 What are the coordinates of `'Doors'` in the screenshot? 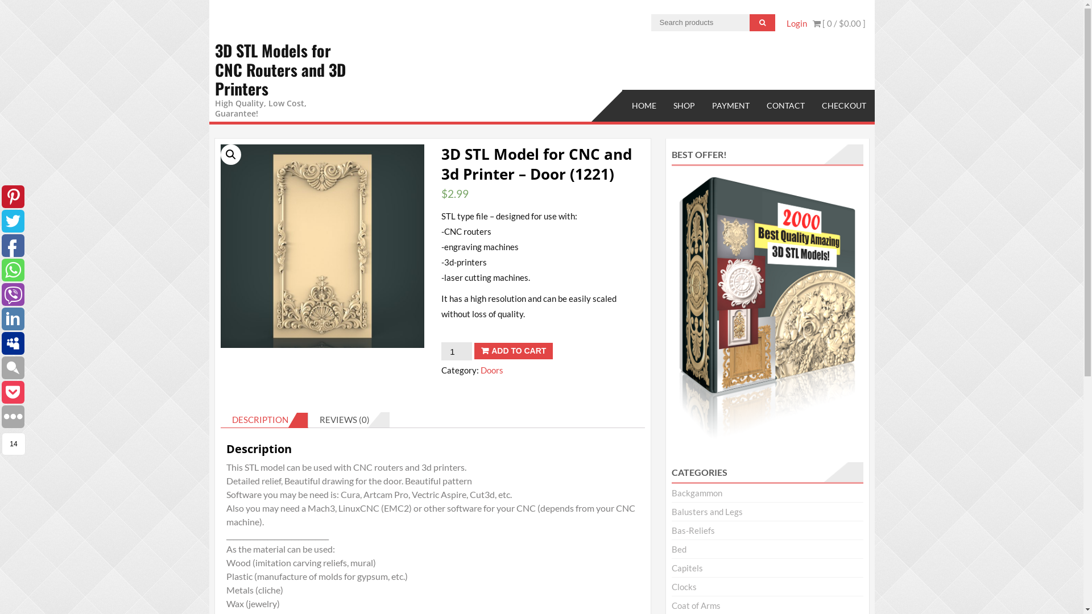 It's located at (491, 370).